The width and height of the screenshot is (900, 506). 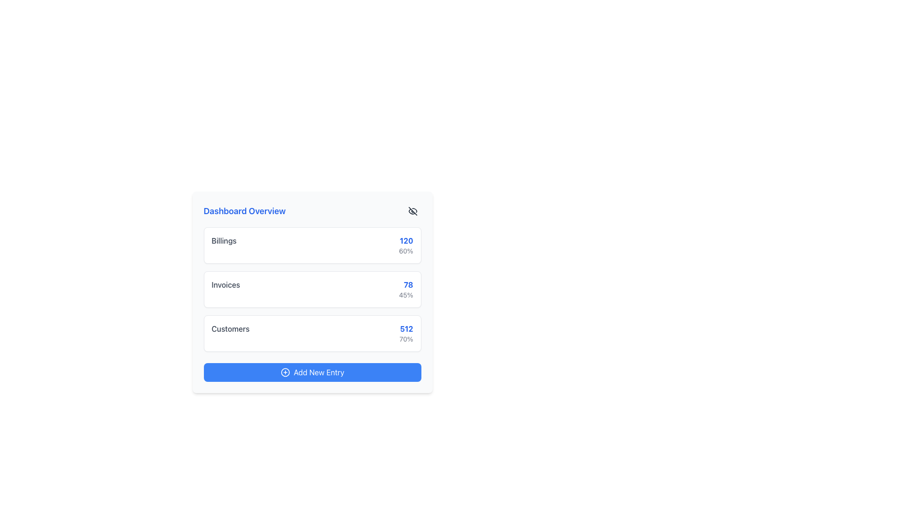 I want to click on the text label displaying the percentage value associated with the 'Invoices' count, which is positioned directly below the number '78.', so click(x=406, y=294).